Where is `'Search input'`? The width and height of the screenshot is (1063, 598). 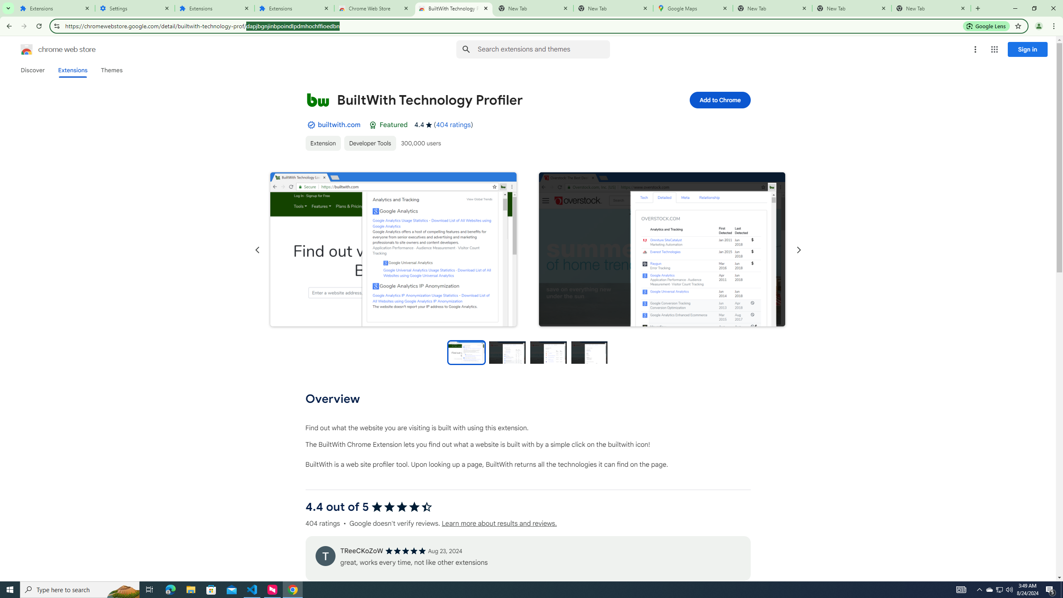
'Search input' is located at coordinates (543, 49).